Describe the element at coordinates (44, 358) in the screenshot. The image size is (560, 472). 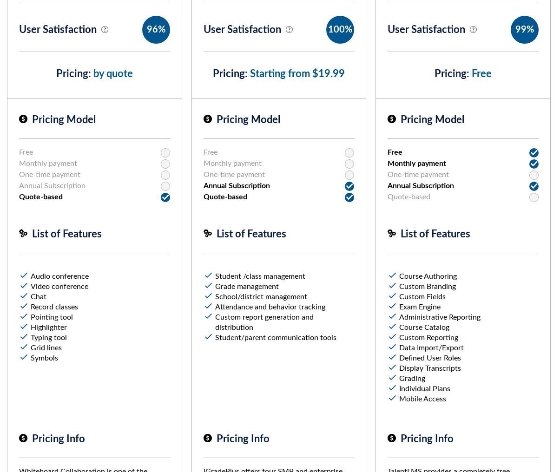
I see `'Symbols'` at that location.